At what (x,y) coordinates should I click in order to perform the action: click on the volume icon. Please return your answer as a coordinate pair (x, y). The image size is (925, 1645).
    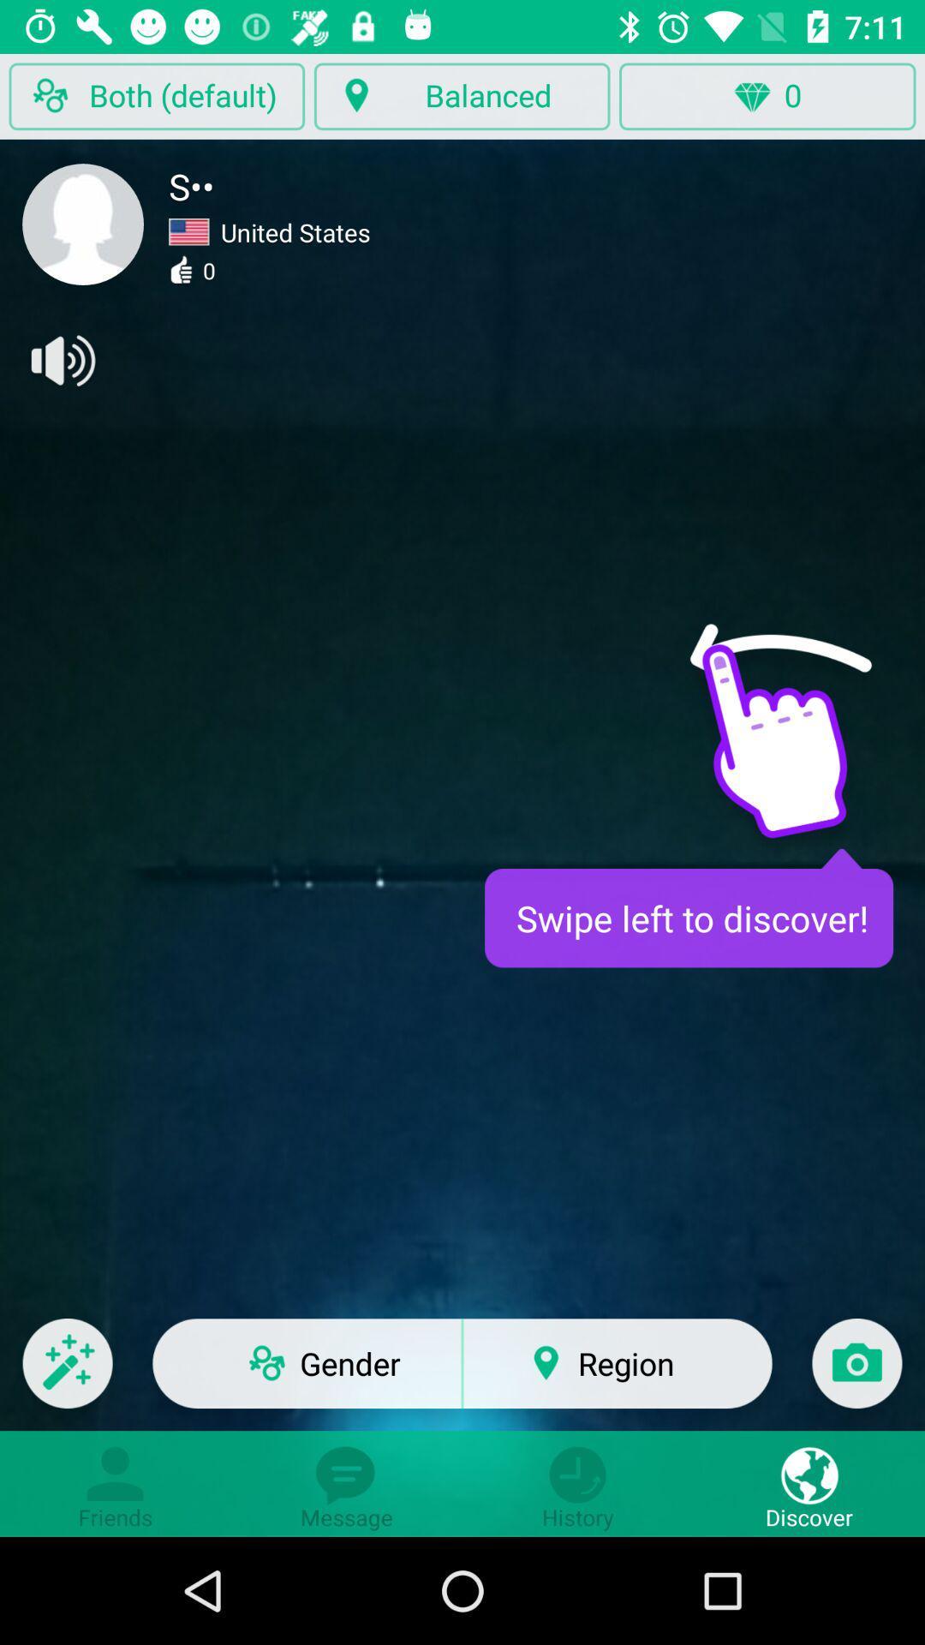
    Looking at the image, I should click on (61, 360).